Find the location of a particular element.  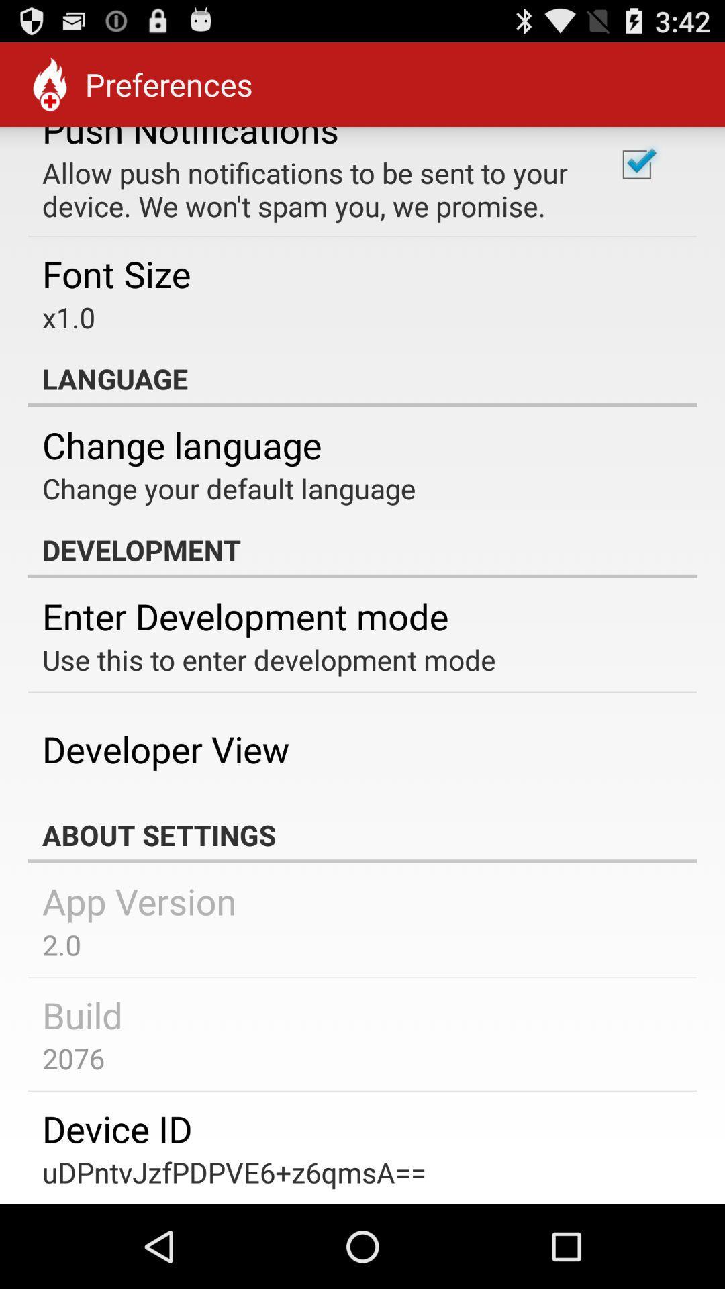

the item above the udpntvjzfpdpve6+z6qmsa== item is located at coordinates (116, 1128).